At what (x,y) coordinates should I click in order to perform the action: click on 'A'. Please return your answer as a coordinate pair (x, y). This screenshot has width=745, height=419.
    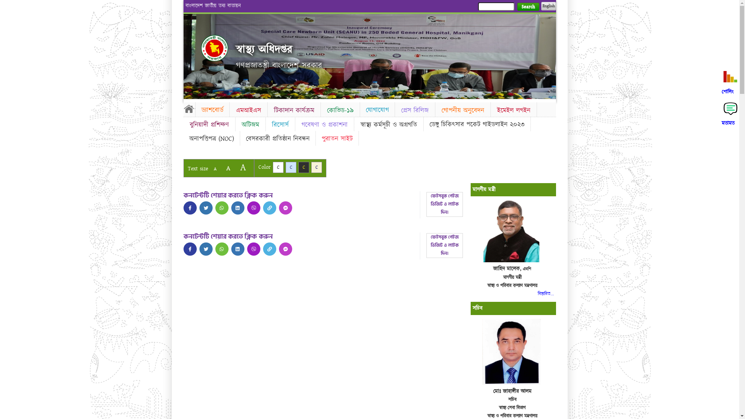
    Looking at the image, I should click on (227, 168).